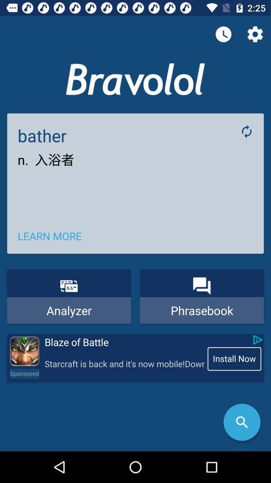  What do you see at coordinates (124, 363) in the screenshot?
I see `the starcraft is back` at bounding box center [124, 363].